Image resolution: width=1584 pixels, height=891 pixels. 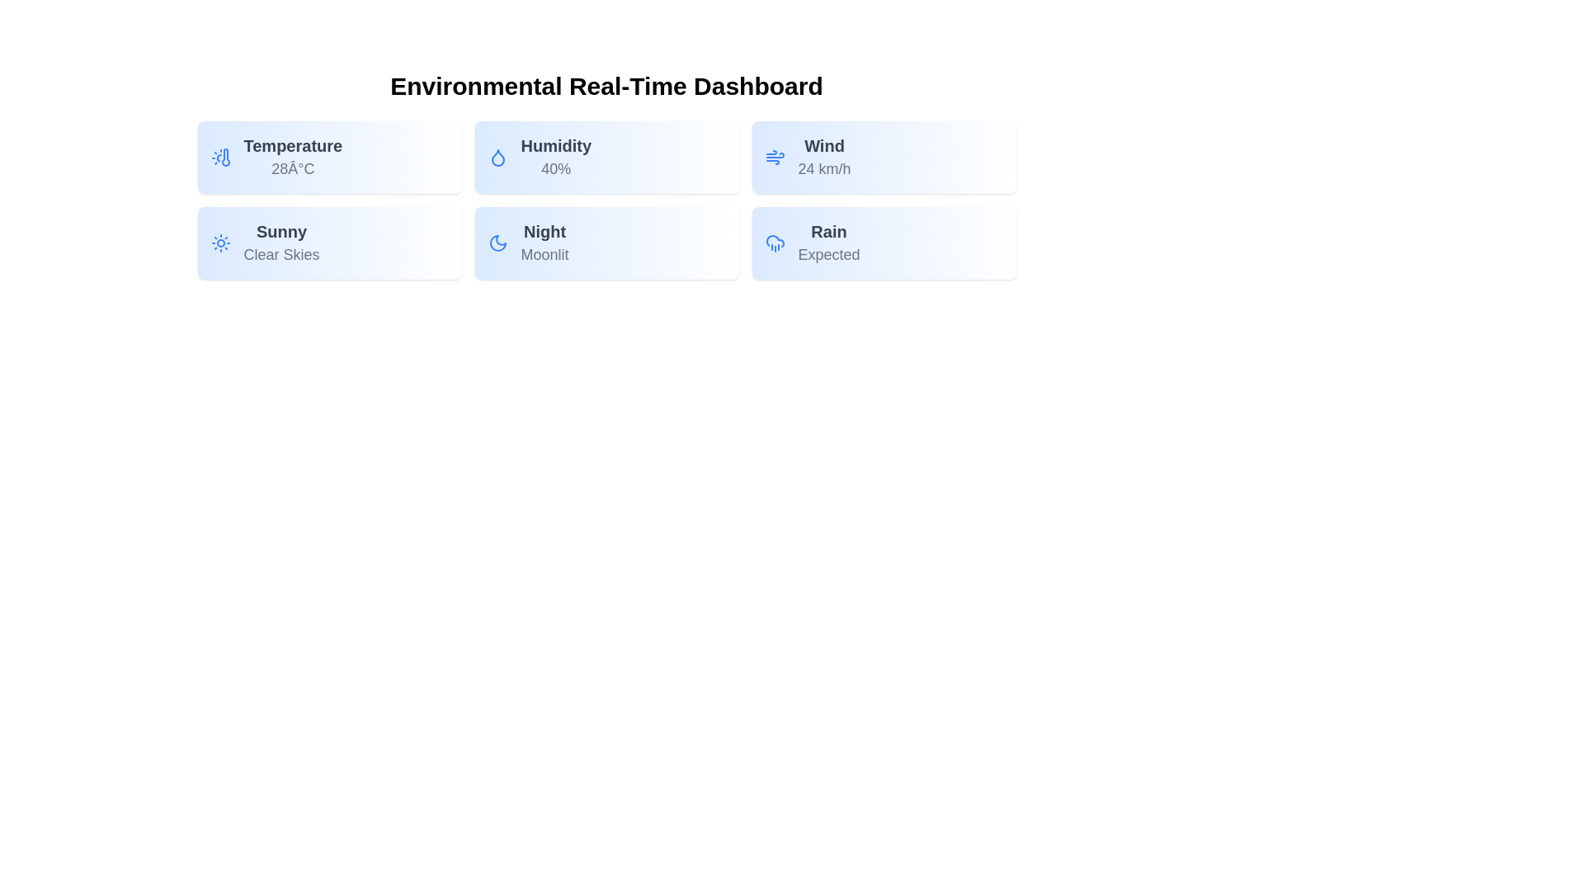 What do you see at coordinates (824, 158) in the screenshot?
I see `text displayed on the wind speed label, which shows the wind speed as 'Wind 24 km/h' in the third panel of the top row of the environmental dashboard` at bounding box center [824, 158].